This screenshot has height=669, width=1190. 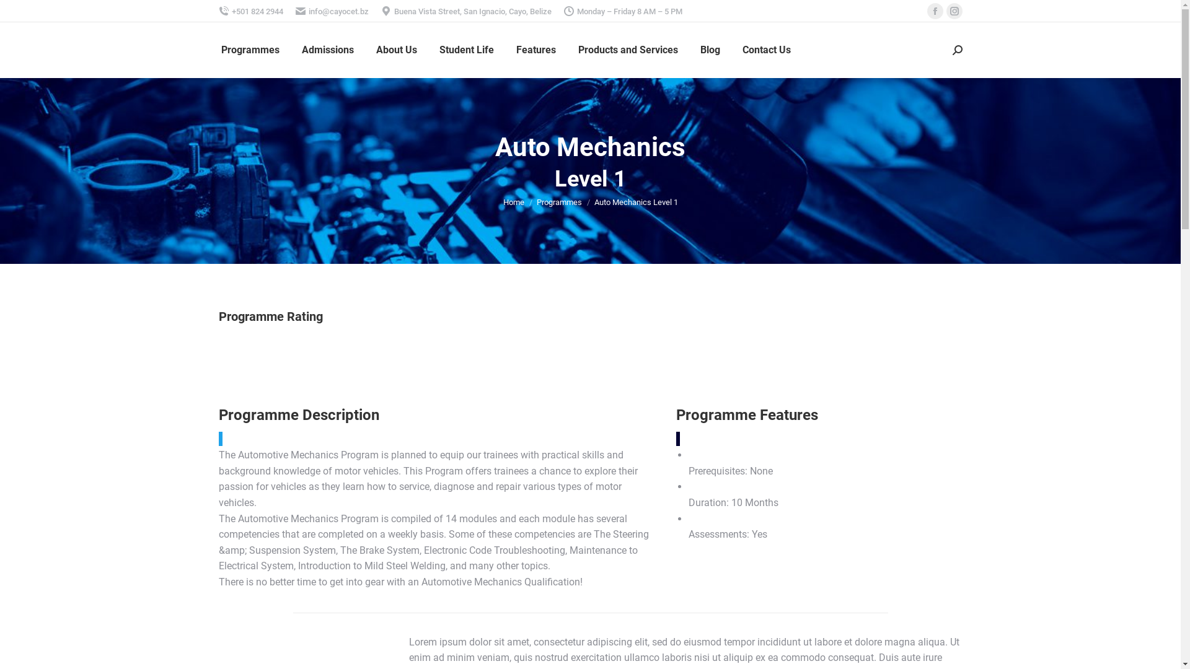 What do you see at coordinates (710, 50) in the screenshot?
I see `'Blog'` at bounding box center [710, 50].